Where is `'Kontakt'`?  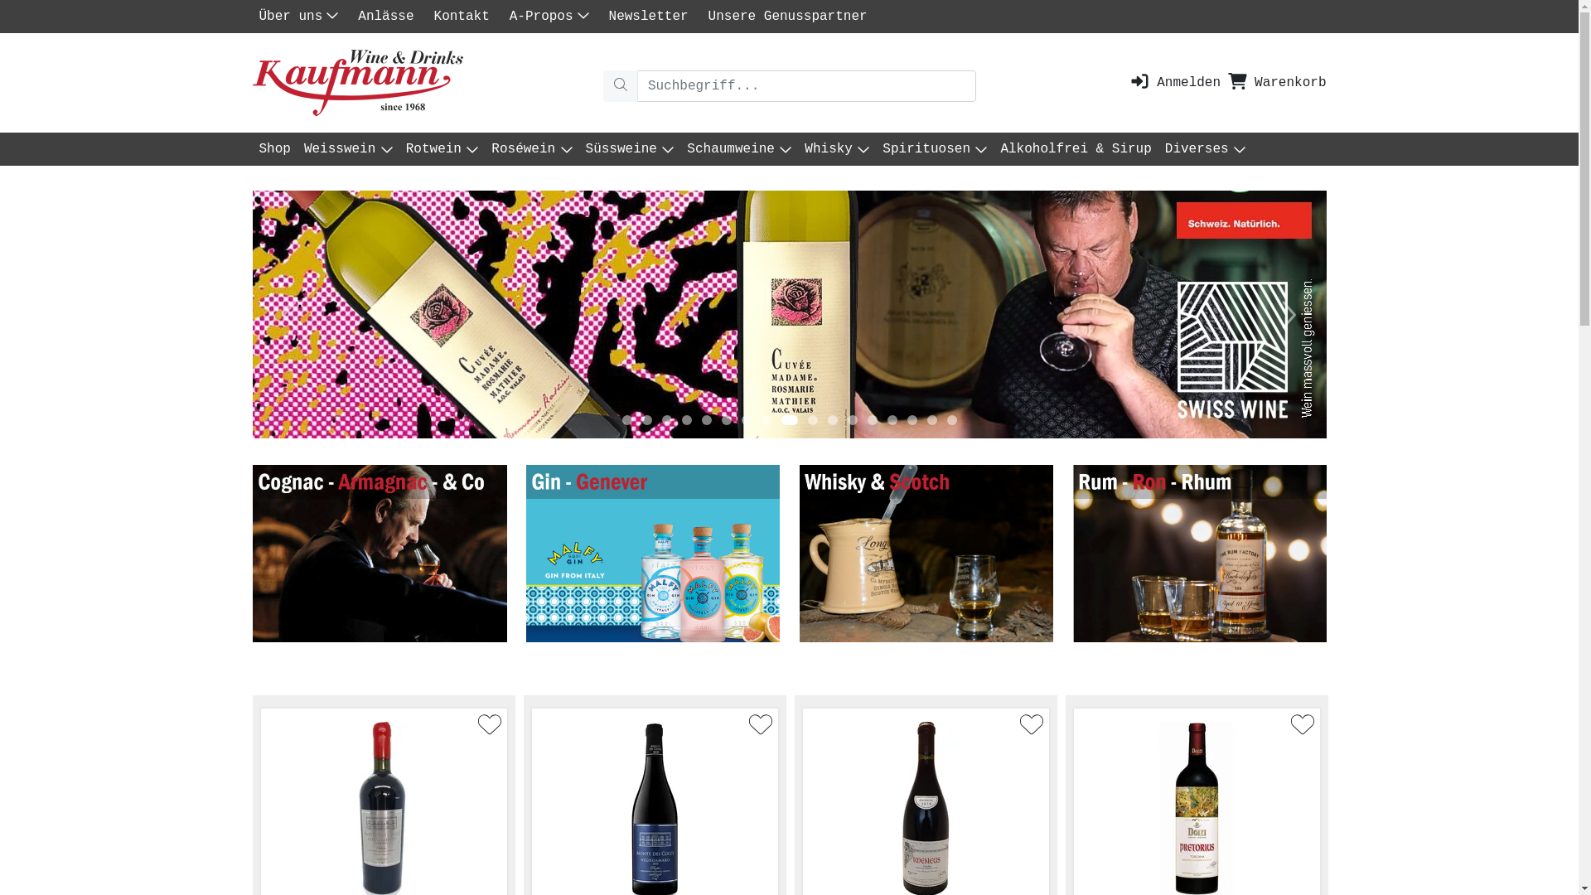 'Kontakt' is located at coordinates (464, 16).